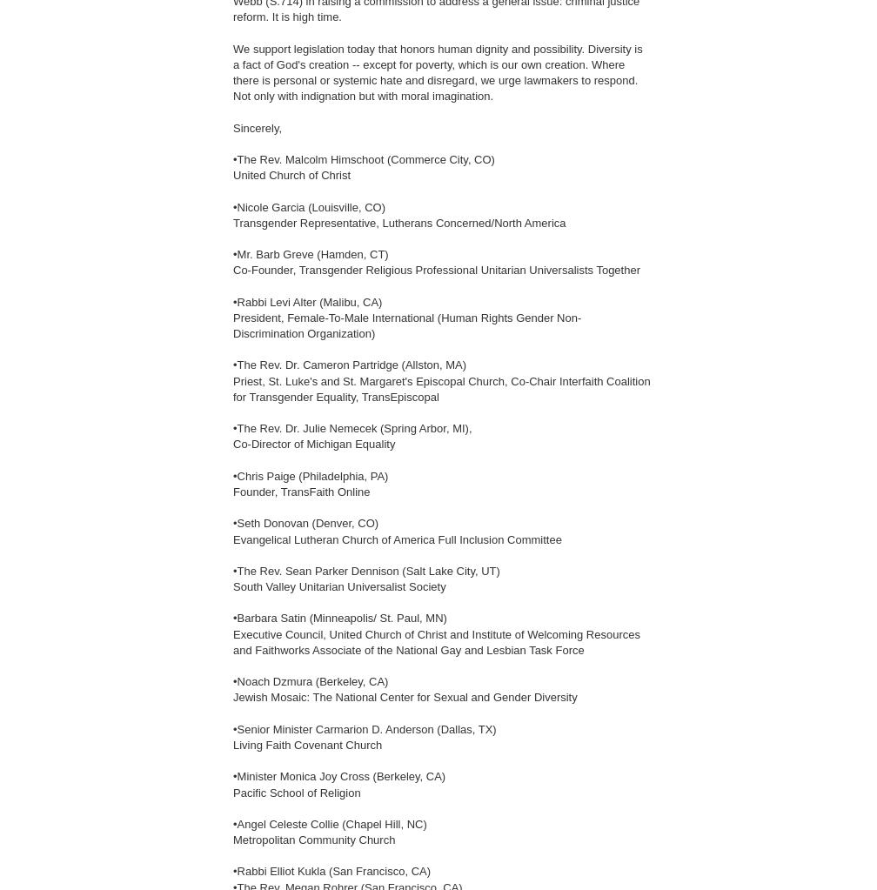 Image resolution: width=877 pixels, height=890 pixels. I want to click on '•Senior Minister Carmarion D. Anderson (Dallas, TX)', so click(365, 727).